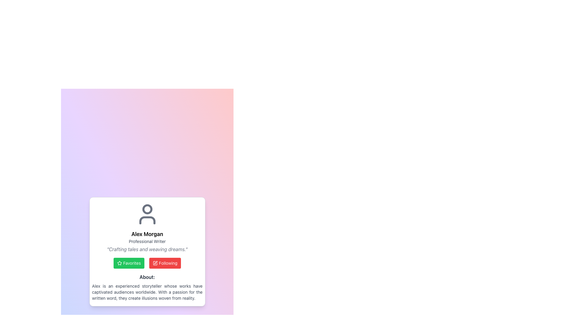 This screenshot has width=580, height=326. Describe the element at coordinates (147, 214) in the screenshot. I see `the user icon, which is a gray circular head above curved shoulders, located in the upper central portion of the card, directly above the text 'Alex Morgan'` at that location.